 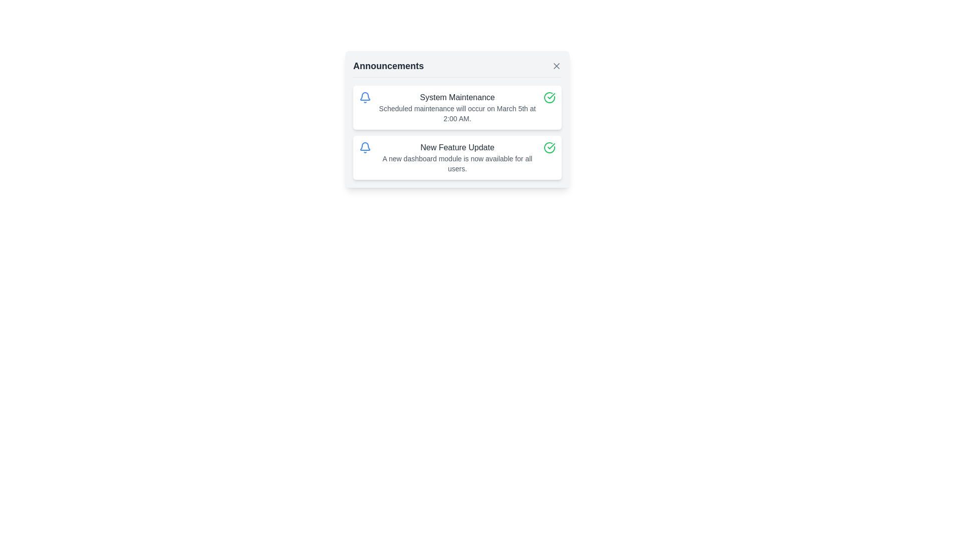 I want to click on the green check mark icon within a circle, located at the top-right corner of the announcements box, to the right of the 'System Maintenance' heading, so click(x=549, y=98).